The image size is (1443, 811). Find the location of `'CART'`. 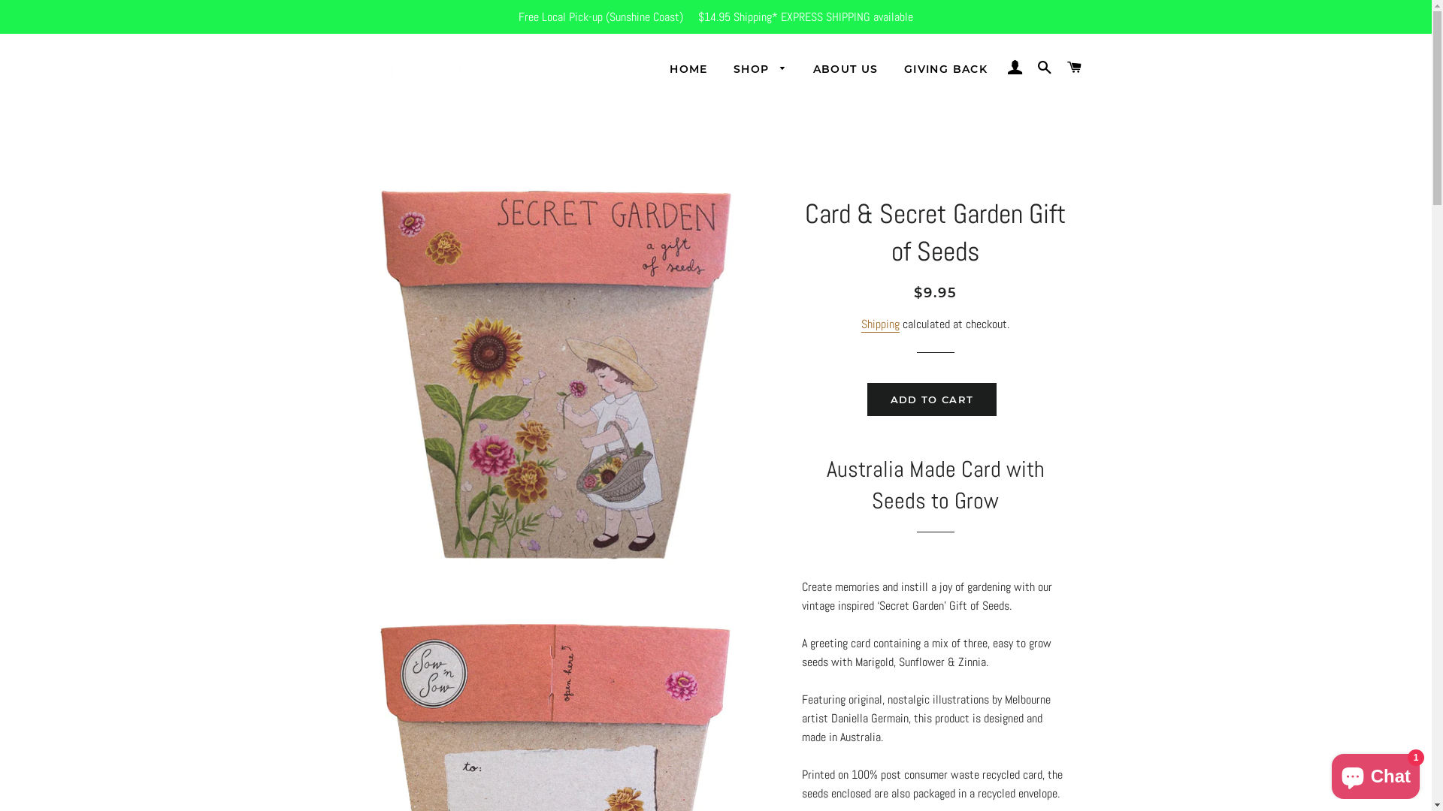

'CART' is located at coordinates (1073, 66).